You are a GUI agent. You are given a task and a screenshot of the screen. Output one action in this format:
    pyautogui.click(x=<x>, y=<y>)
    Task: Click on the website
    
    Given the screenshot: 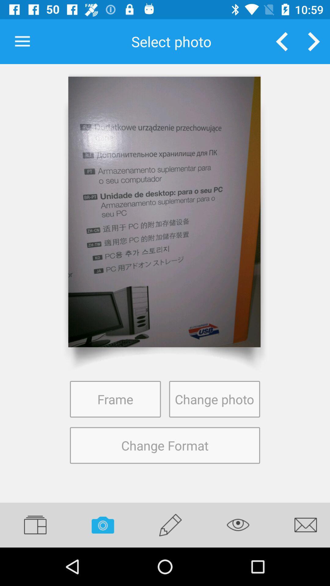 What is the action you would take?
    pyautogui.click(x=164, y=212)
    